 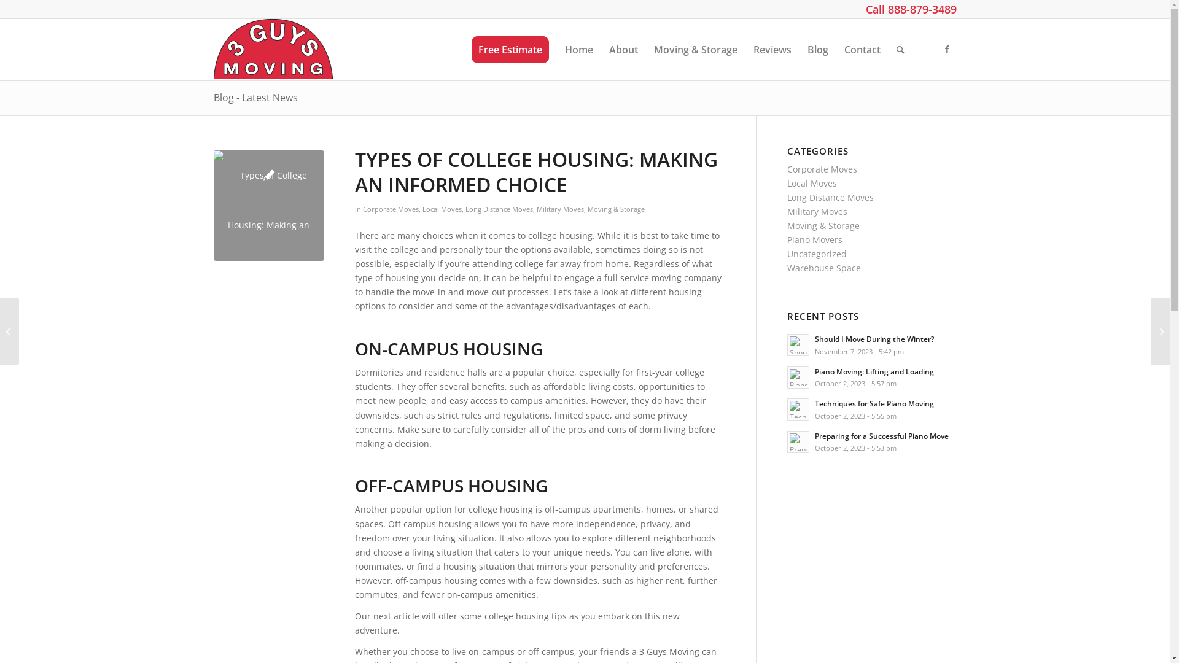 What do you see at coordinates (787, 239) in the screenshot?
I see `'Piano Movers'` at bounding box center [787, 239].